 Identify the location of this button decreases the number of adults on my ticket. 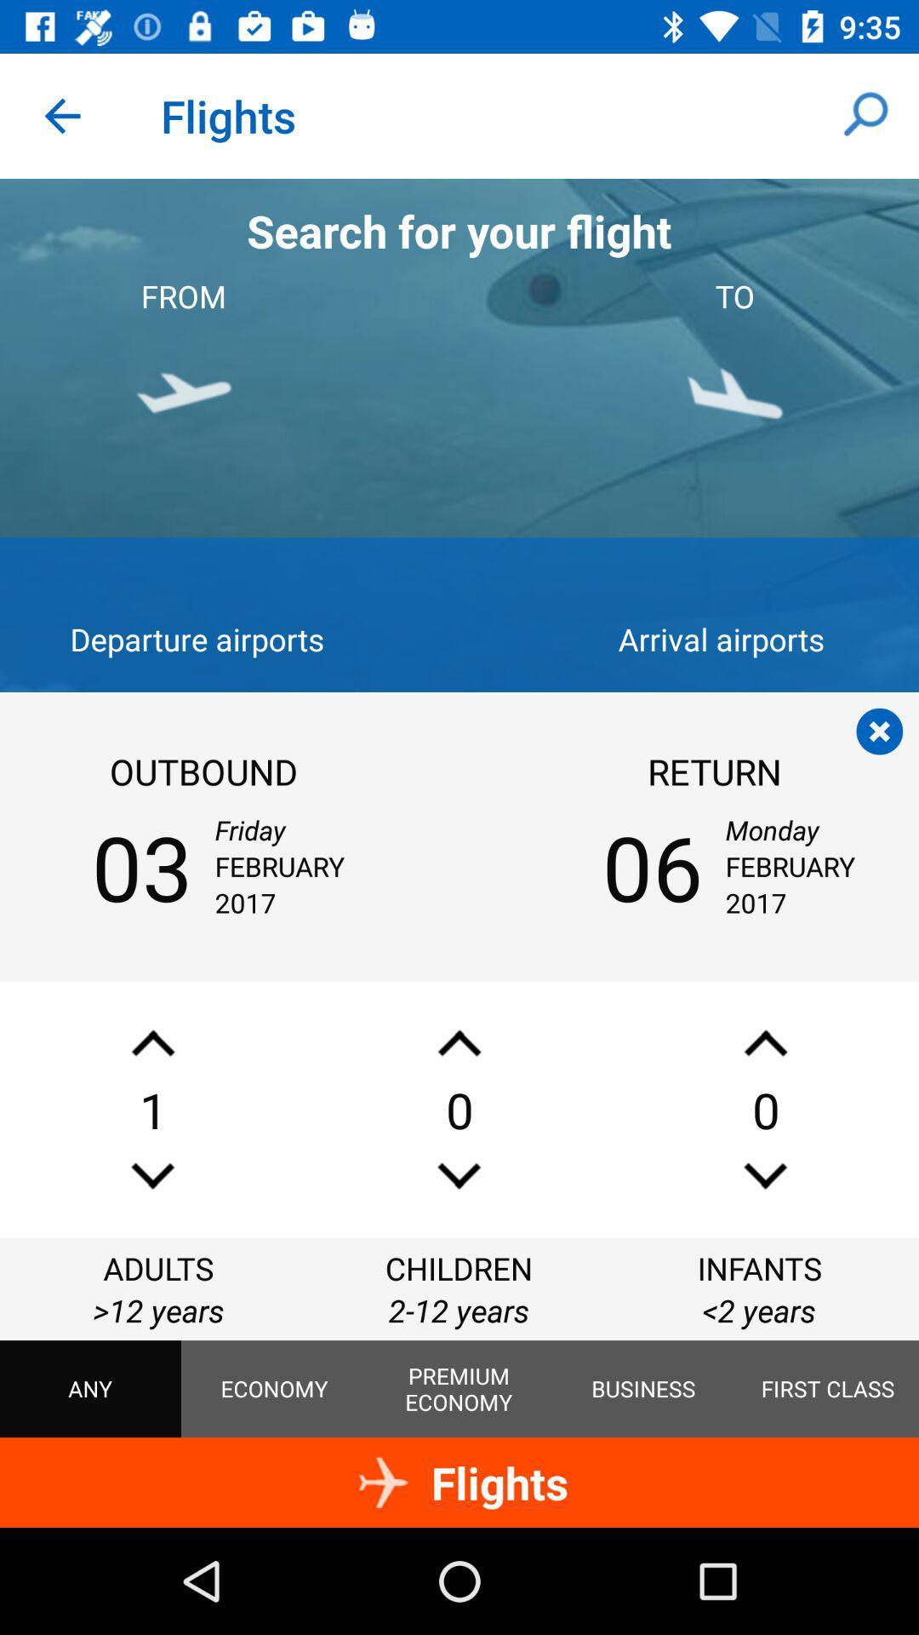
(153, 1175).